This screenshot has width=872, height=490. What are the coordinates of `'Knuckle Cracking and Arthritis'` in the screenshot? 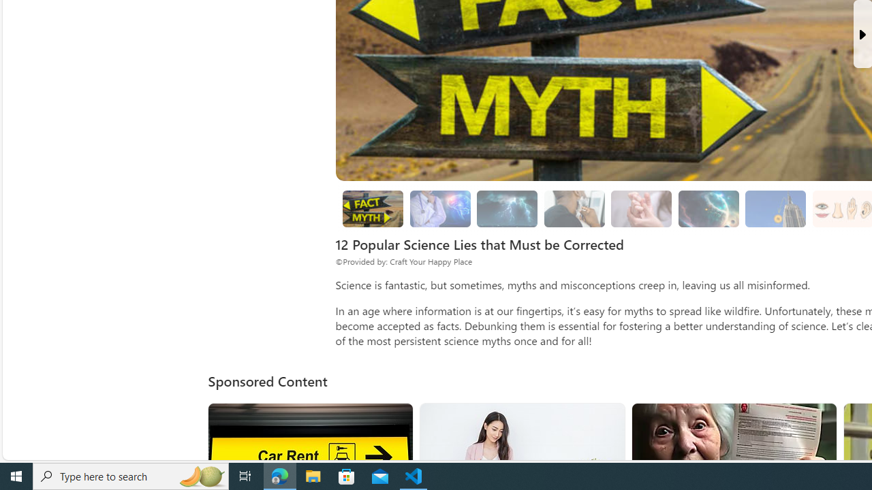 It's located at (640, 209).